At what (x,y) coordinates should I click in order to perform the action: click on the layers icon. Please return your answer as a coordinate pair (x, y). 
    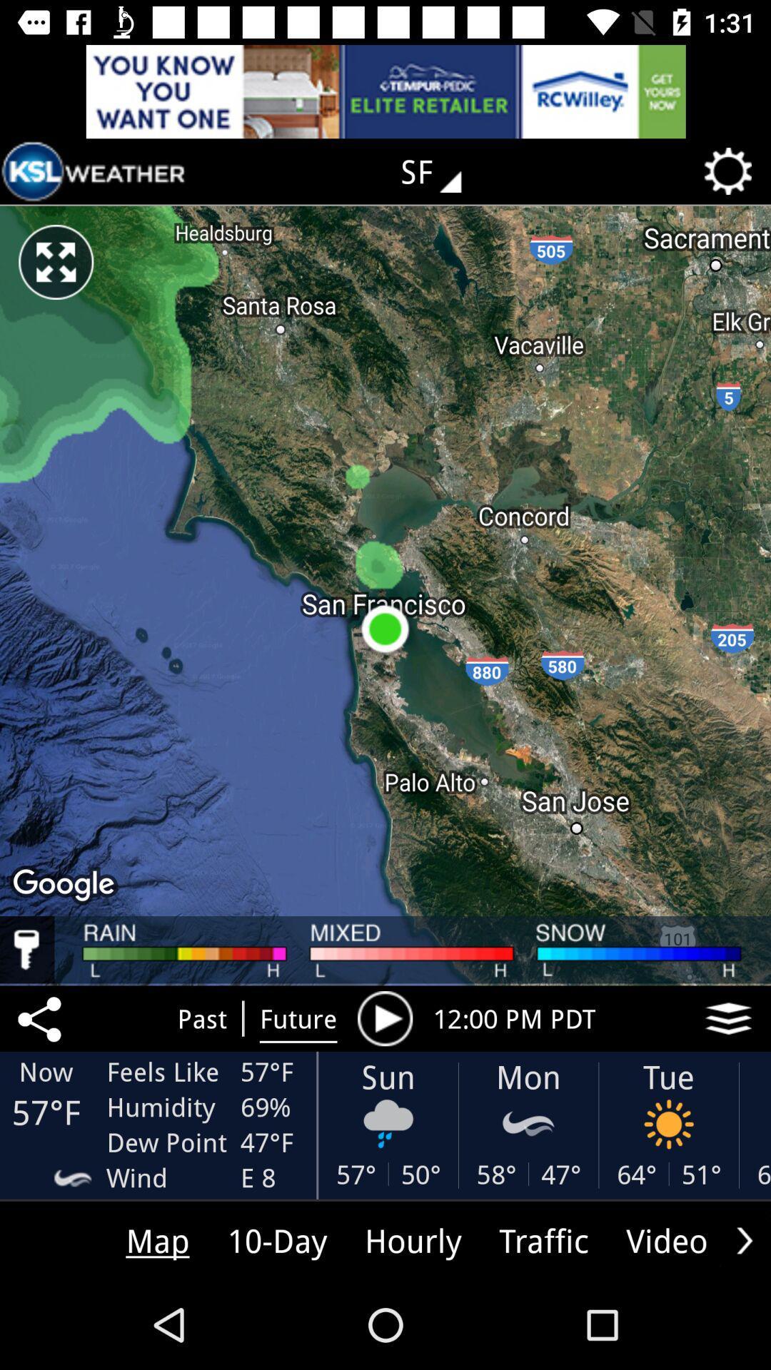
    Looking at the image, I should click on (728, 1018).